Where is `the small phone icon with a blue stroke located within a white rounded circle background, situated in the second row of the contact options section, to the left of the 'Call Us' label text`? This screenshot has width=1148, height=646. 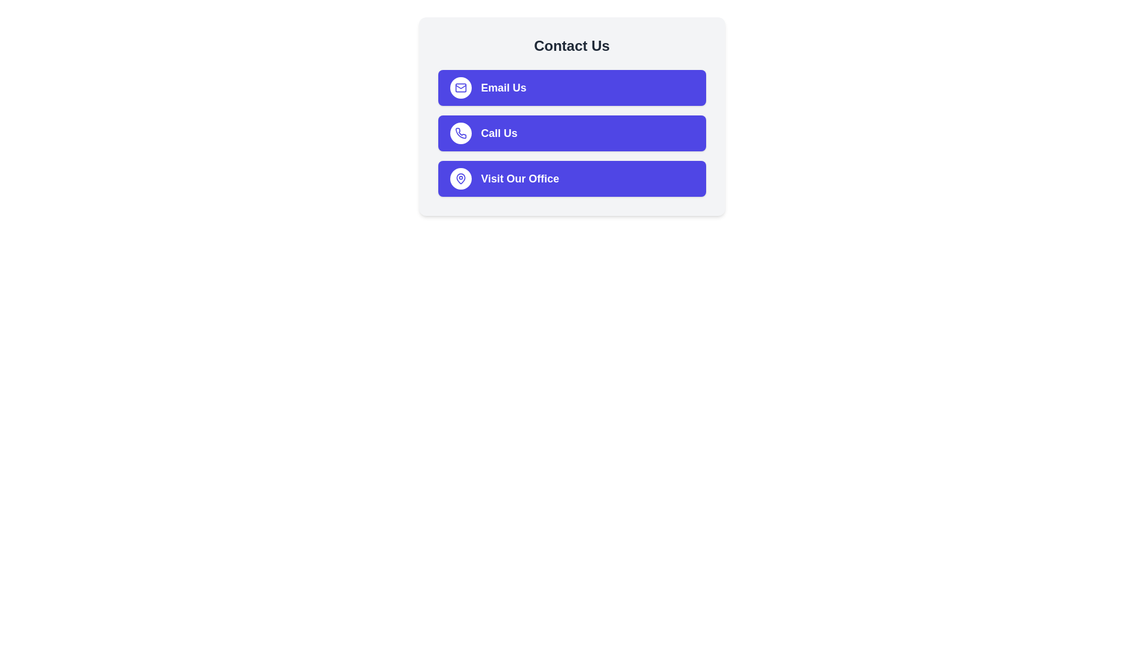
the small phone icon with a blue stroke located within a white rounded circle background, situated in the second row of the contact options section, to the left of the 'Call Us' label text is located at coordinates (460, 133).